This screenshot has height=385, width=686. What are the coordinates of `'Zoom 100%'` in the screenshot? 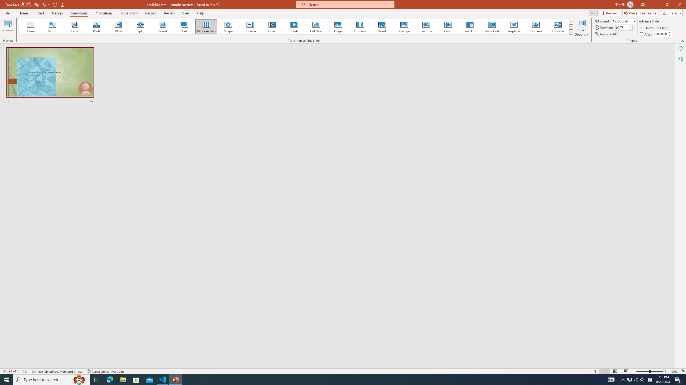 It's located at (674, 371).